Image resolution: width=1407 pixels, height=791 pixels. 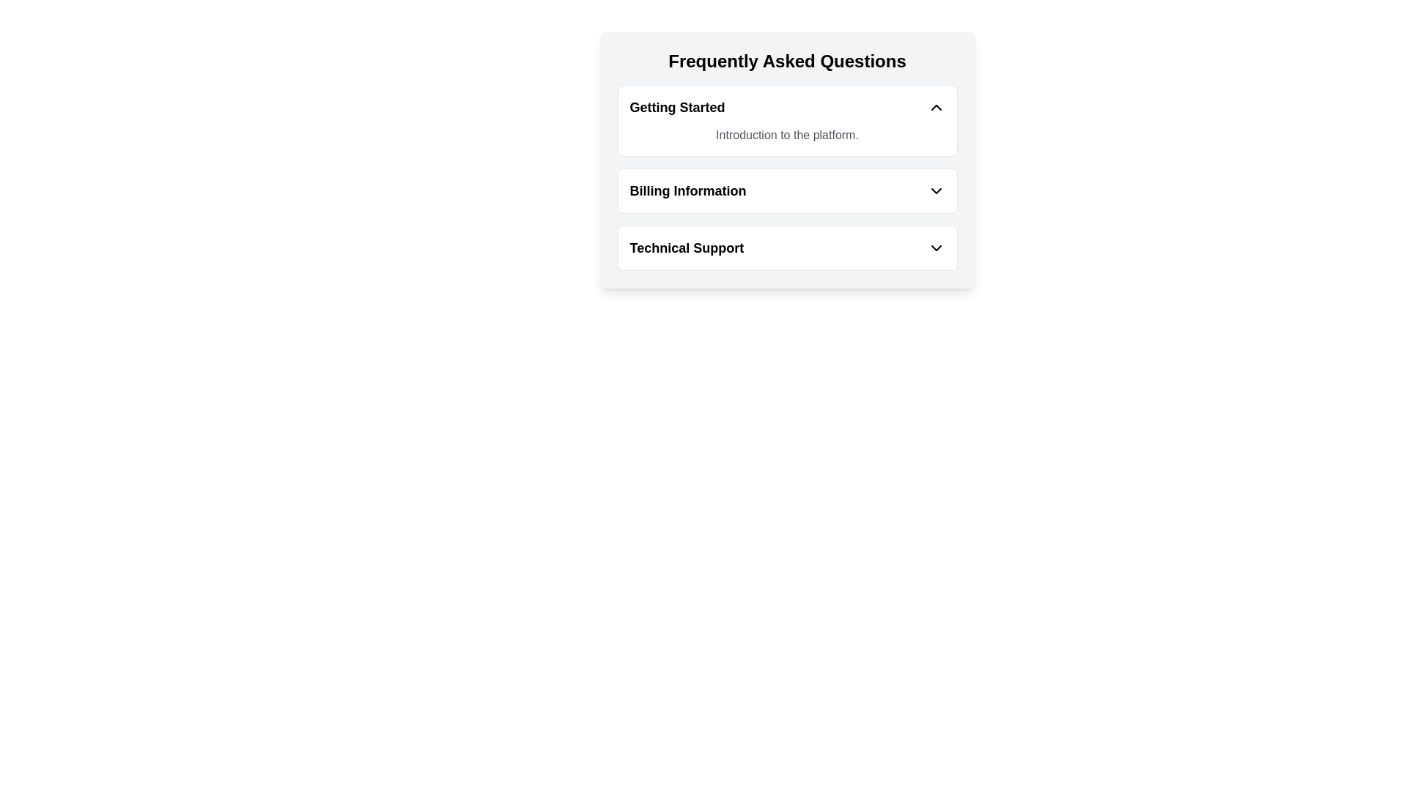 What do you see at coordinates (786, 248) in the screenshot?
I see `the toggle button for 'Technical Support' located in the 'Frequently Asked Questions' section` at bounding box center [786, 248].